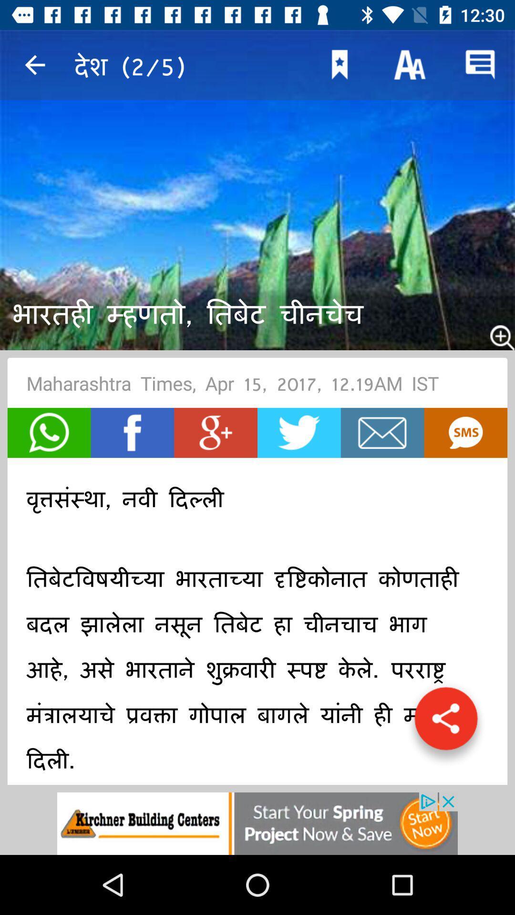 This screenshot has height=915, width=515. I want to click on to go subtiffles captioning, so click(465, 432).